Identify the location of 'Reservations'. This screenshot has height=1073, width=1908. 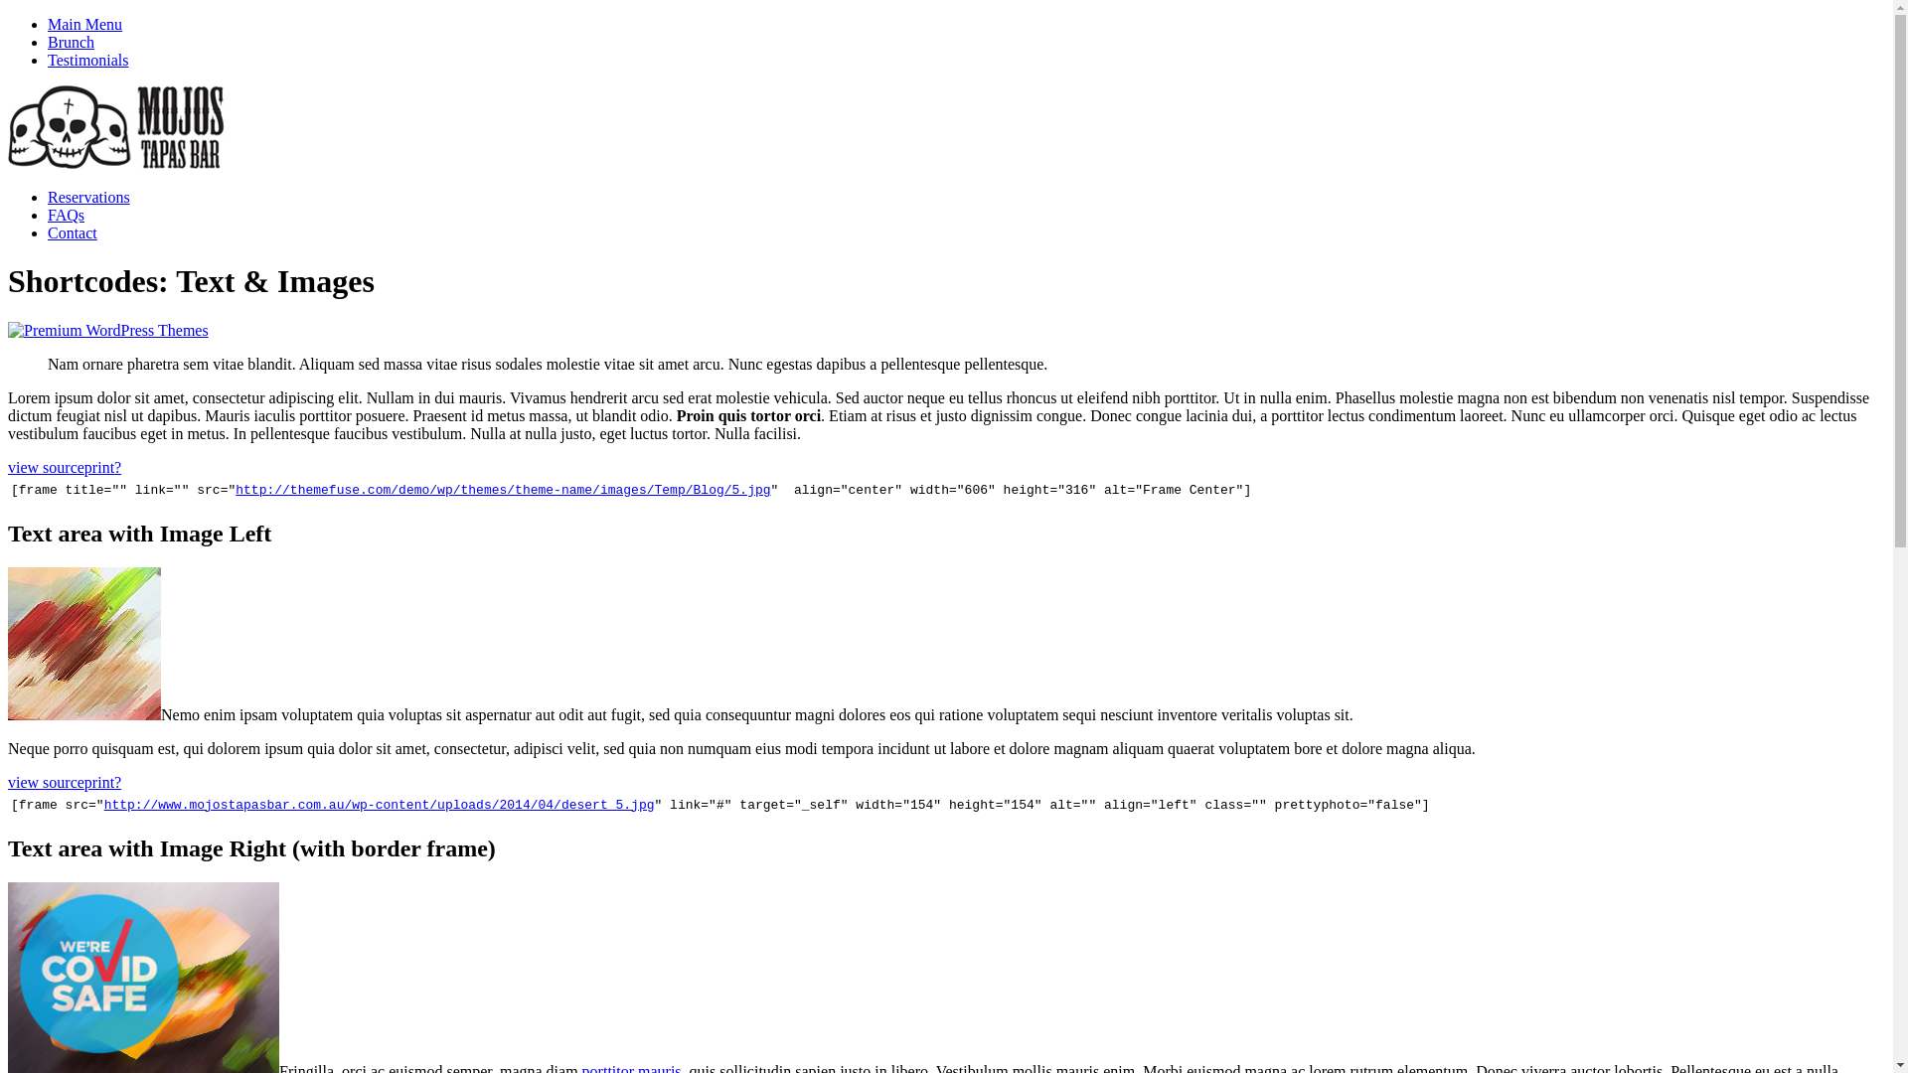
(87, 197).